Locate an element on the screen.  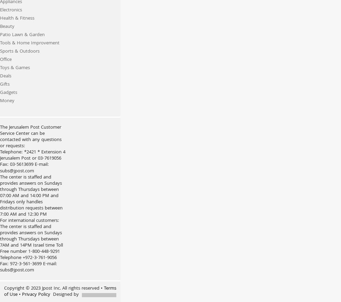
'The Jerusalem Post Customer Service Center can be contacted with any questions or requests:' is located at coordinates (31, 137).